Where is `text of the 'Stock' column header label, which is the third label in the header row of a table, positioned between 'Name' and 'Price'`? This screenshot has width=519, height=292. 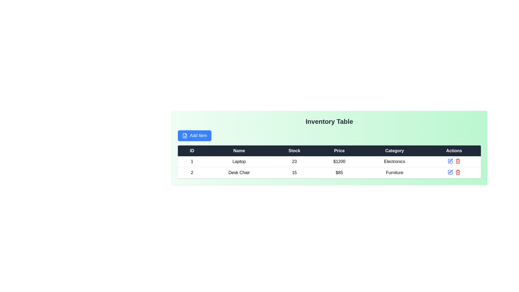 text of the 'Stock' column header label, which is the third label in the header row of a table, positioned between 'Name' and 'Price' is located at coordinates (294, 151).